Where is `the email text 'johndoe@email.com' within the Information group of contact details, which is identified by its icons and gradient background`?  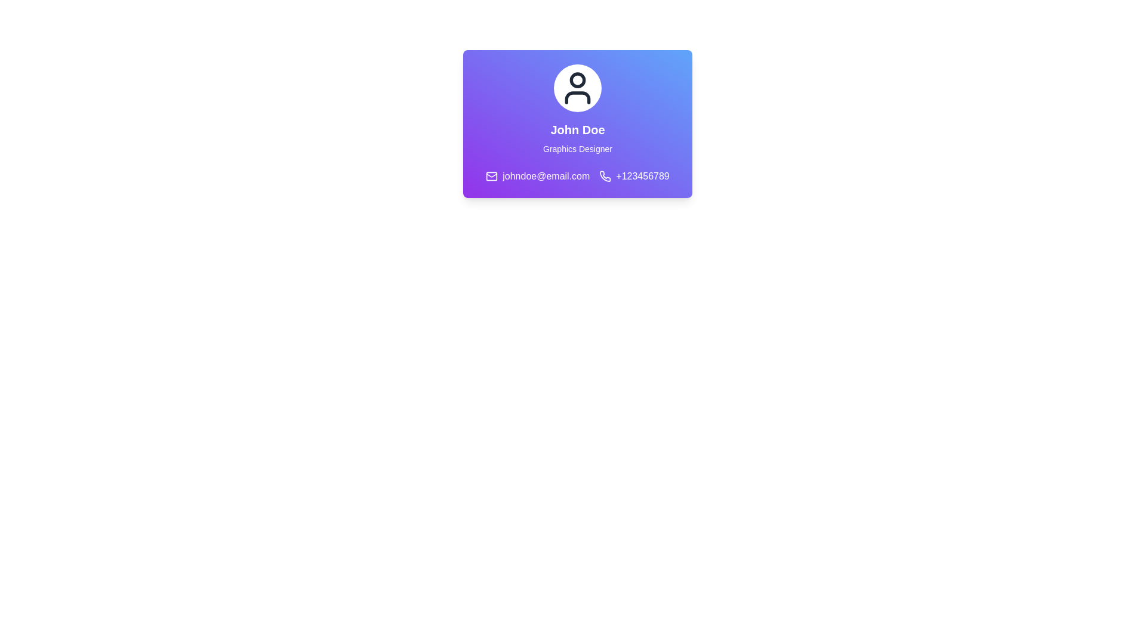 the email text 'johndoe@email.com' within the Information group of contact details, which is identified by its icons and gradient background is located at coordinates (578, 177).